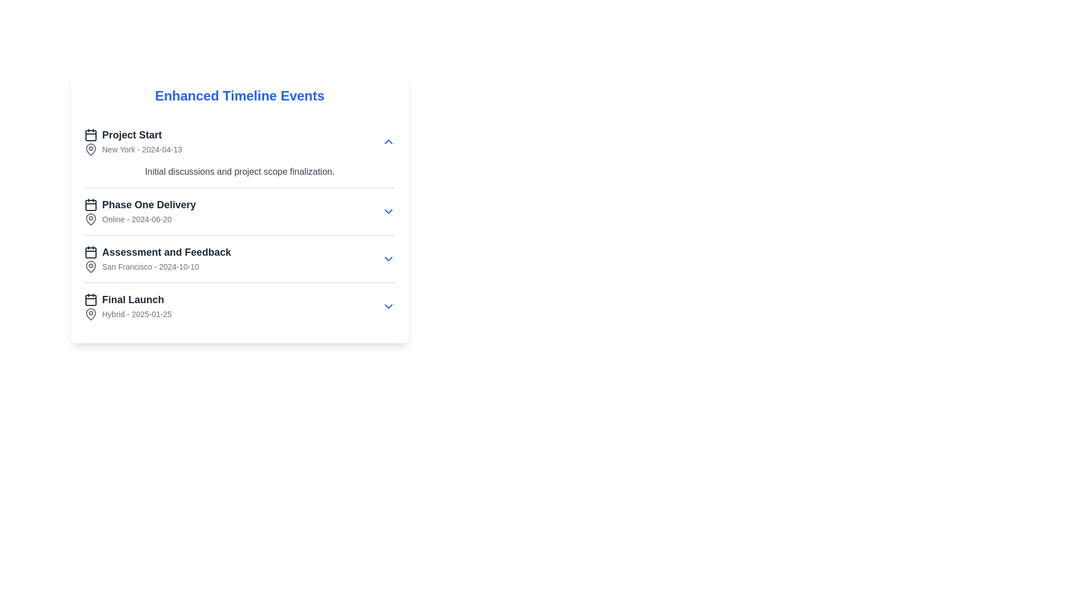  What do you see at coordinates (239, 141) in the screenshot?
I see `the first item in the 'Enhanced Timeline Events' section` at bounding box center [239, 141].